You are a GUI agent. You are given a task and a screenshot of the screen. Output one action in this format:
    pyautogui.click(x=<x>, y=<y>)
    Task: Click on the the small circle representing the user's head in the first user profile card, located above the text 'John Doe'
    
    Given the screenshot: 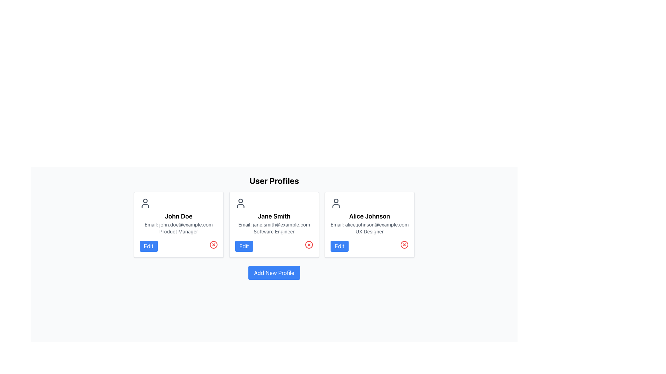 What is the action you would take?
    pyautogui.click(x=145, y=201)
    